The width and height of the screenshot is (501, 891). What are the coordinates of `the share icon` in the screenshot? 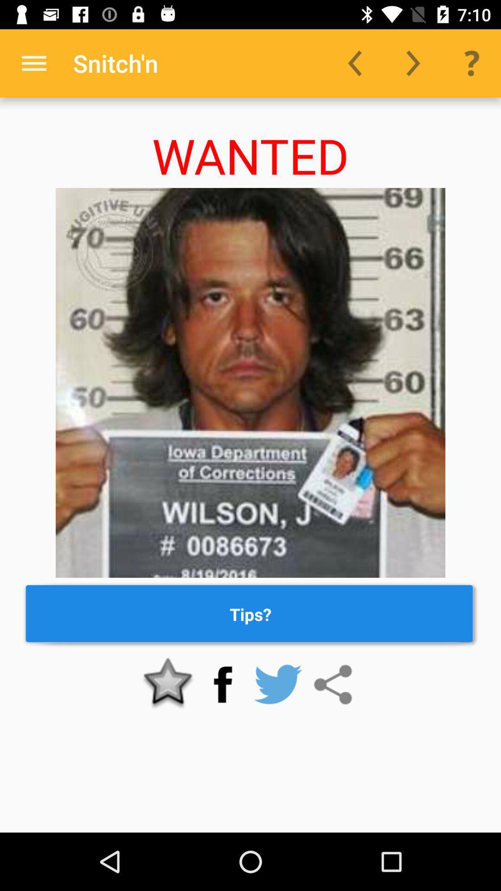 It's located at (332, 684).